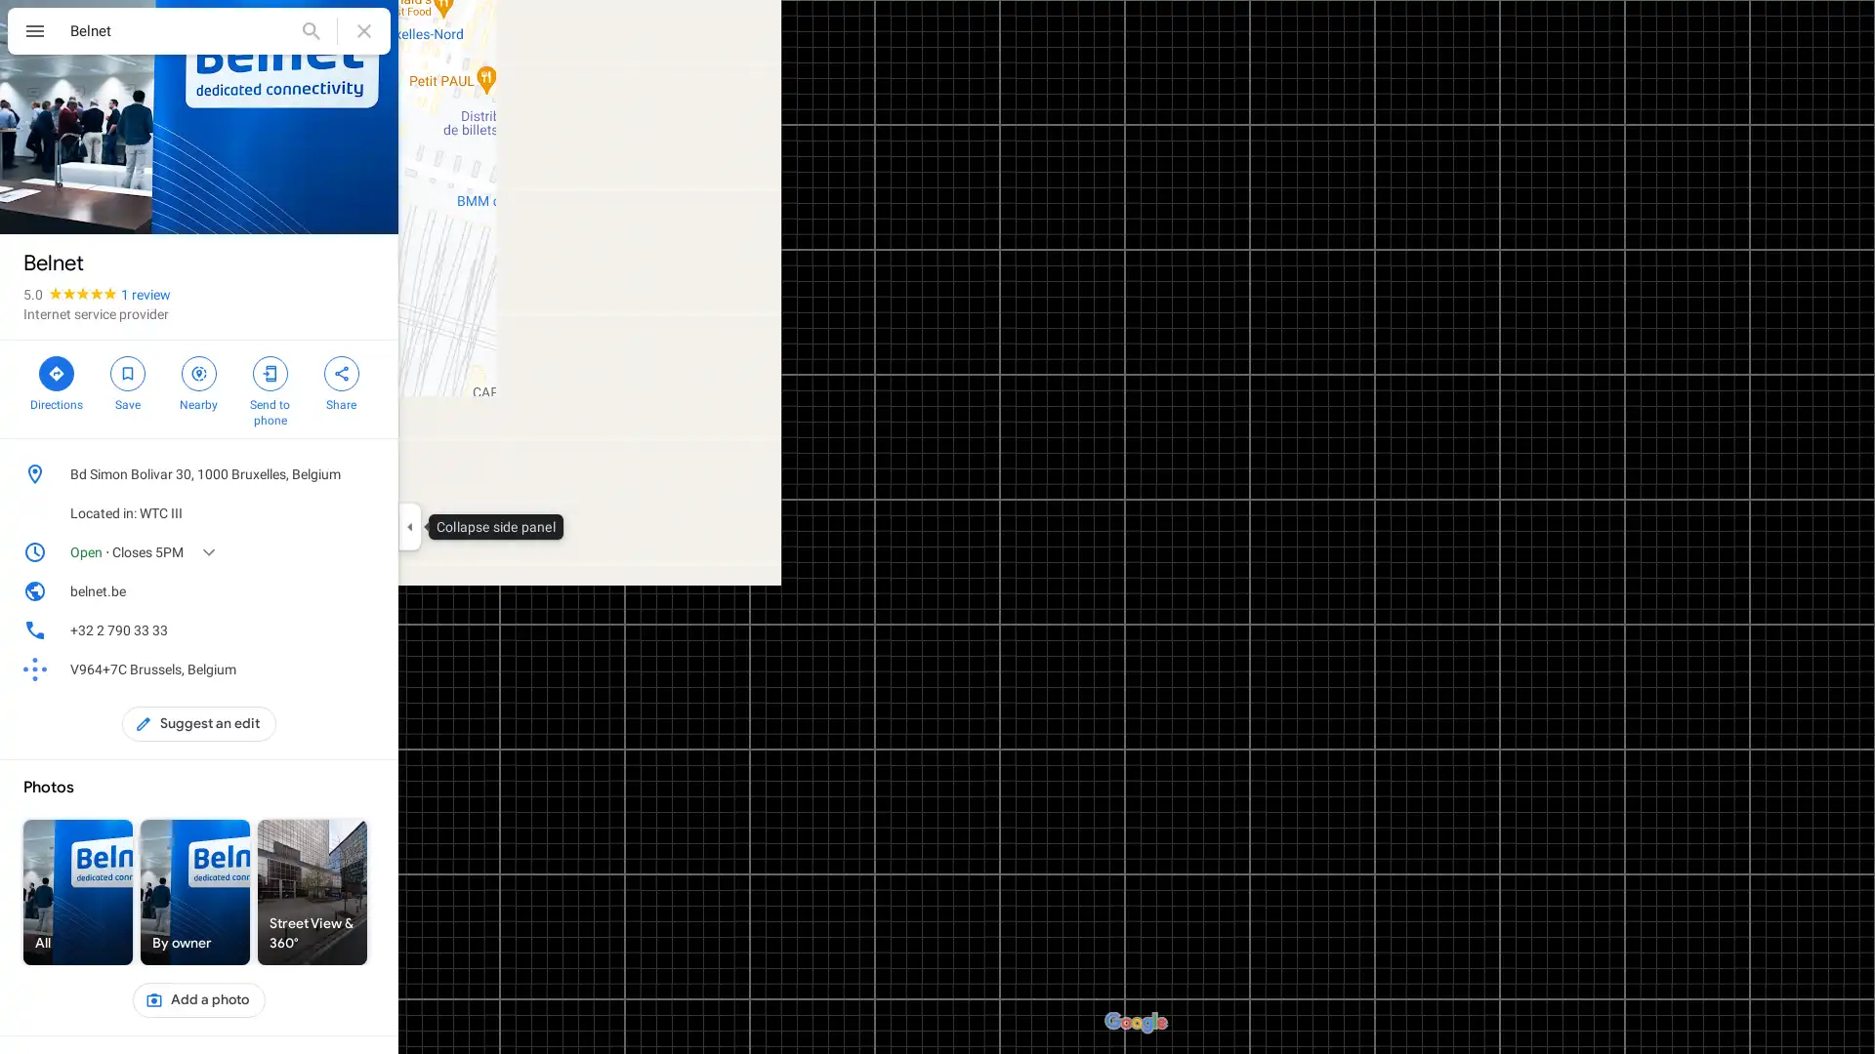 The image size is (1875, 1054). What do you see at coordinates (365, 629) in the screenshot?
I see `Call phone number` at bounding box center [365, 629].